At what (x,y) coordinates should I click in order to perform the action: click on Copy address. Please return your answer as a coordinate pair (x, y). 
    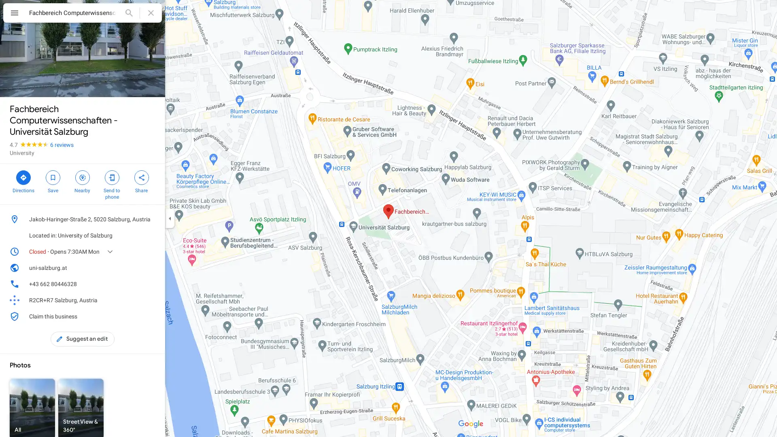
    Looking at the image, I should click on (151, 219).